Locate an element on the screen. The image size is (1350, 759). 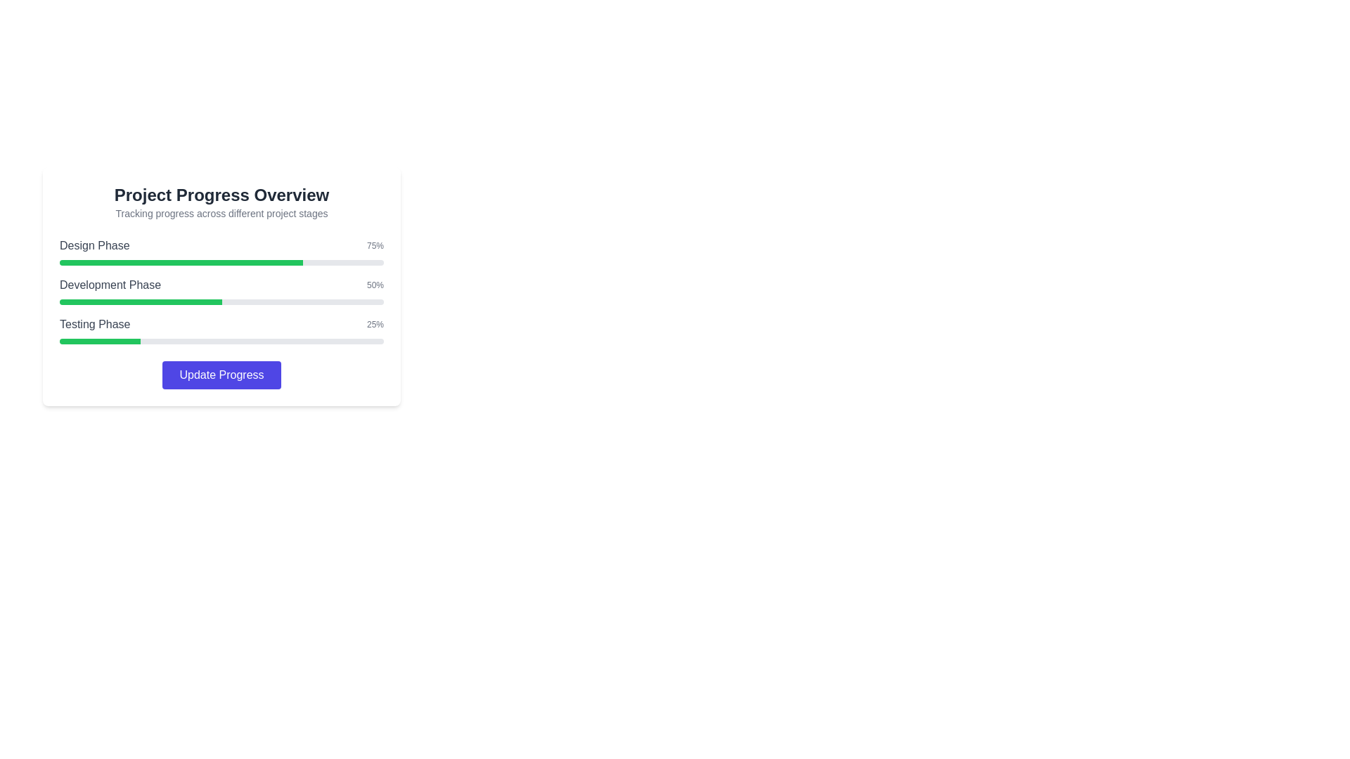
the second progress bar indicating the 'Development Phase', which is centrally aligned below the title and above the value '50%' is located at coordinates (221, 301).